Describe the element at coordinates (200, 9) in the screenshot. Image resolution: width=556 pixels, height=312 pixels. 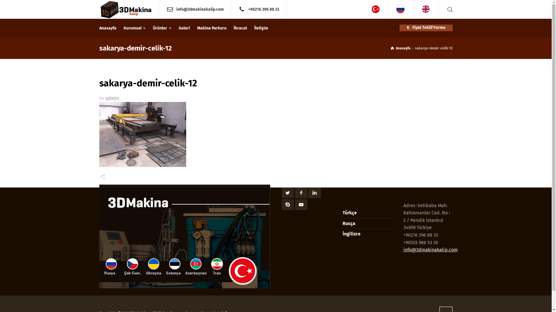
I see `'info@3dmakinakalip.com'` at that location.